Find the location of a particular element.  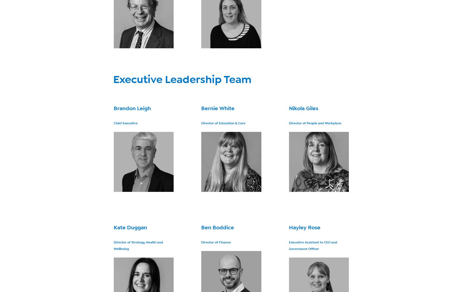

'Nikola Giles' is located at coordinates (288, 108).